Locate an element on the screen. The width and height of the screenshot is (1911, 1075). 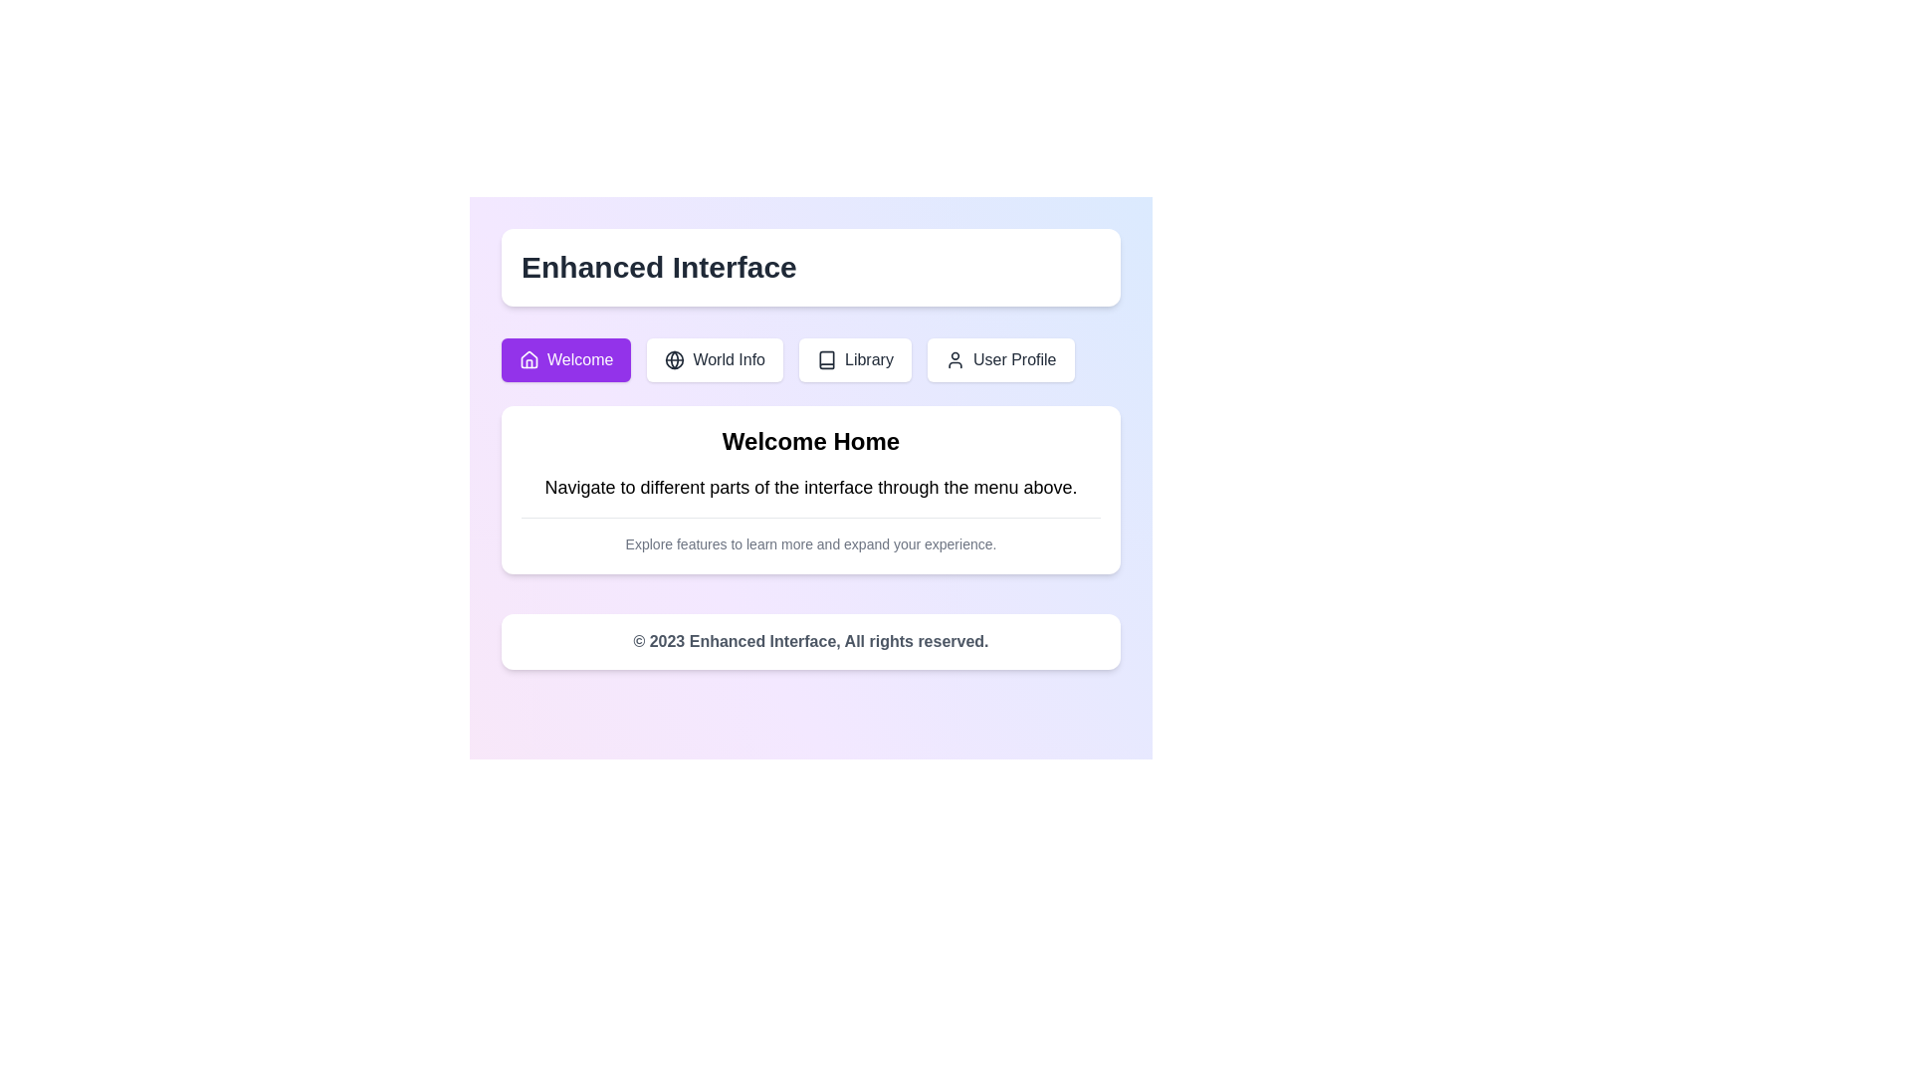
the stylized book icon located in the top navigation bar, which is the third option from the left is located at coordinates (826, 359).